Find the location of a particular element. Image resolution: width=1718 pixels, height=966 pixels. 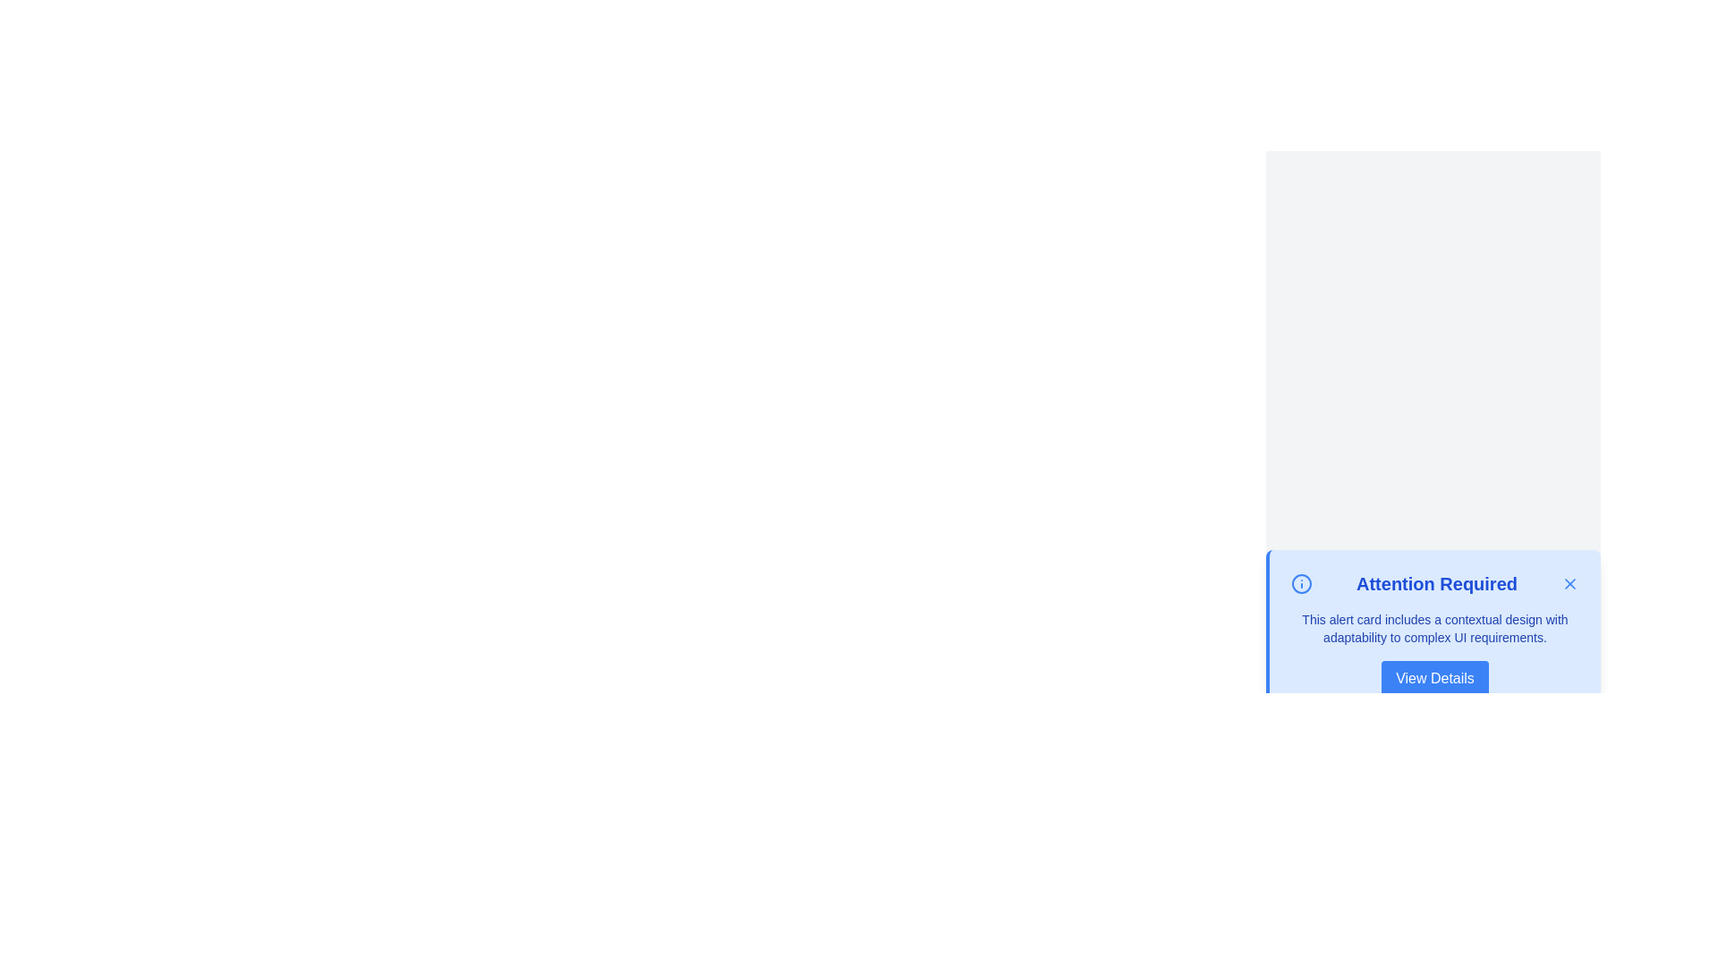

the paragraph of text styled in blue that is located within the alert card beneath the heading 'Attention Required' is located at coordinates (1434, 627).